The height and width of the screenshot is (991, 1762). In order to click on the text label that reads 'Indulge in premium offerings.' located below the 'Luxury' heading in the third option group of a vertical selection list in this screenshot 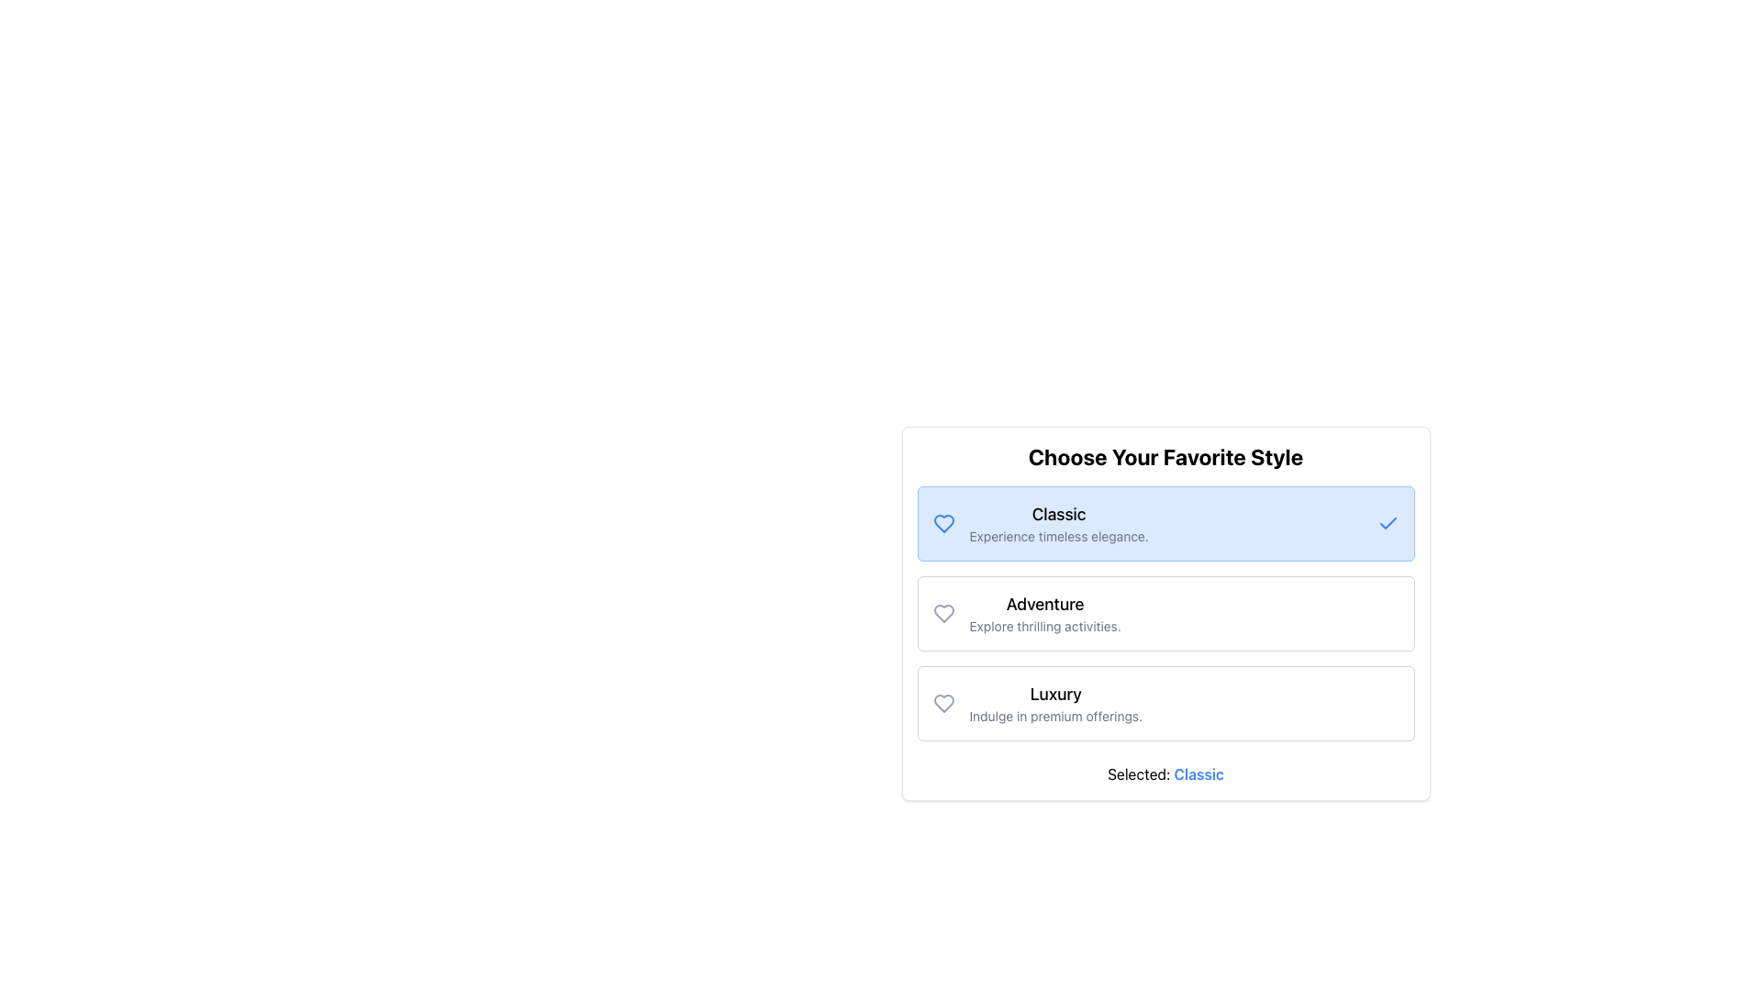, I will do `click(1055, 715)`.